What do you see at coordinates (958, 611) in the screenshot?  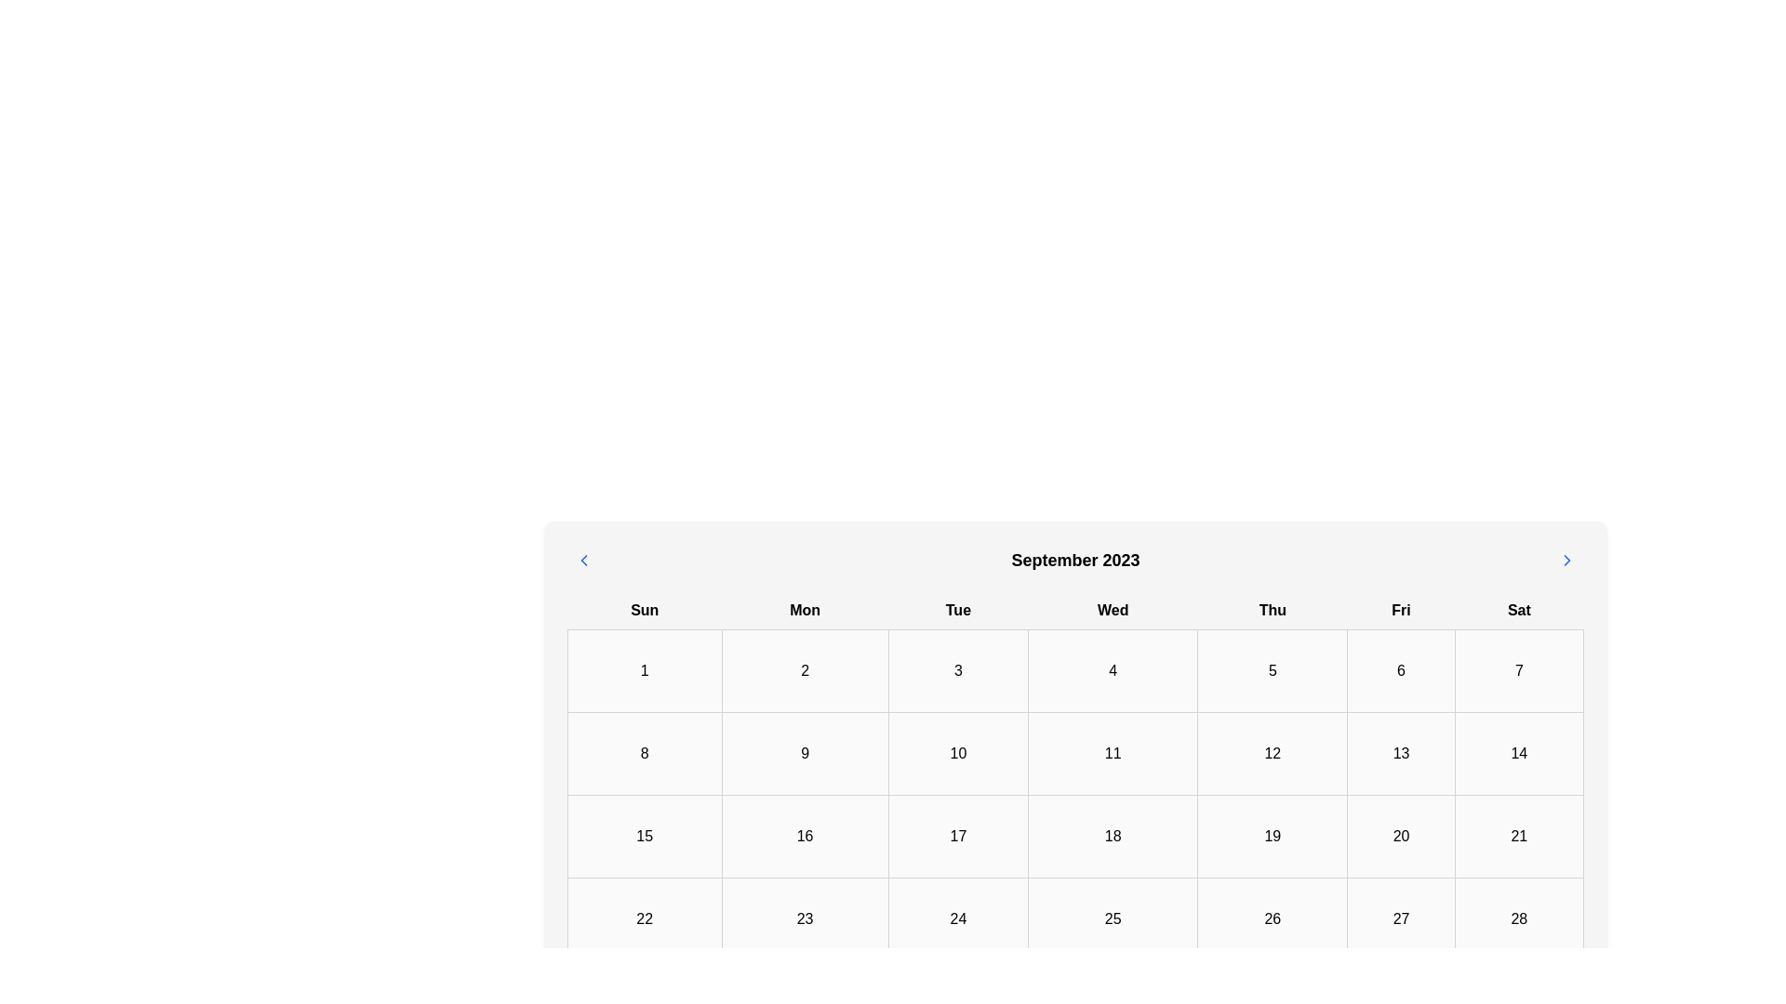 I see `text label 'Tue' which is presented in a bold black font, located in the sequence of weekdays between 'Mon' and 'Wed'` at bounding box center [958, 611].